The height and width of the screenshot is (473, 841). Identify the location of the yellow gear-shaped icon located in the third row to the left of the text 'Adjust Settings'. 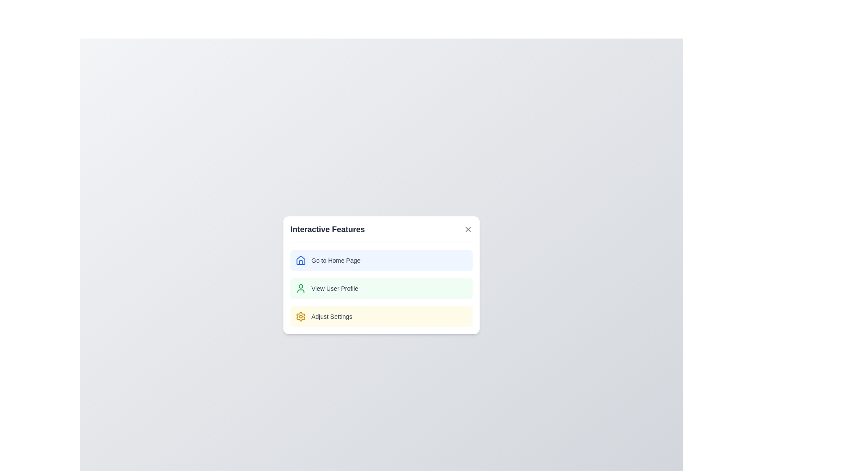
(300, 316).